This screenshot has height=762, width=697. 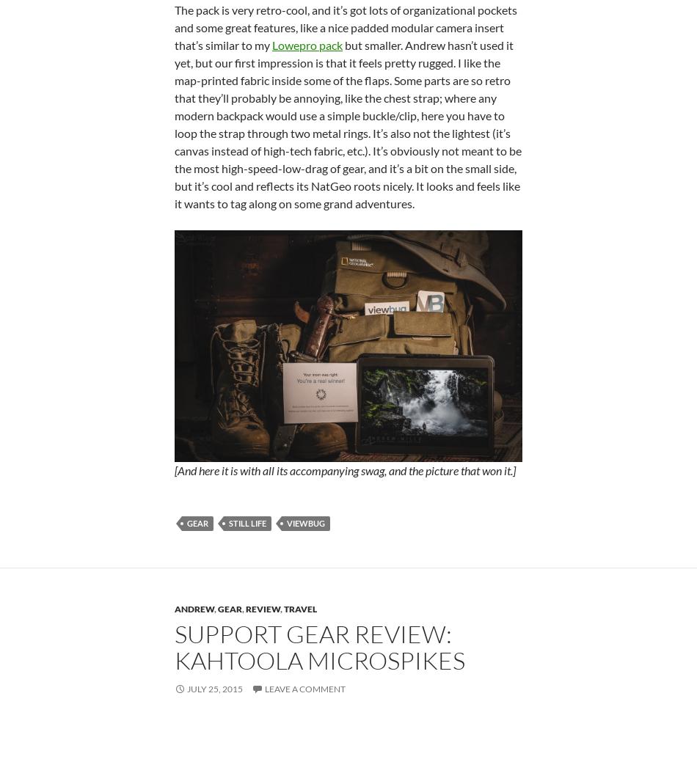 What do you see at coordinates (304, 522) in the screenshot?
I see `'viewbug'` at bounding box center [304, 522].